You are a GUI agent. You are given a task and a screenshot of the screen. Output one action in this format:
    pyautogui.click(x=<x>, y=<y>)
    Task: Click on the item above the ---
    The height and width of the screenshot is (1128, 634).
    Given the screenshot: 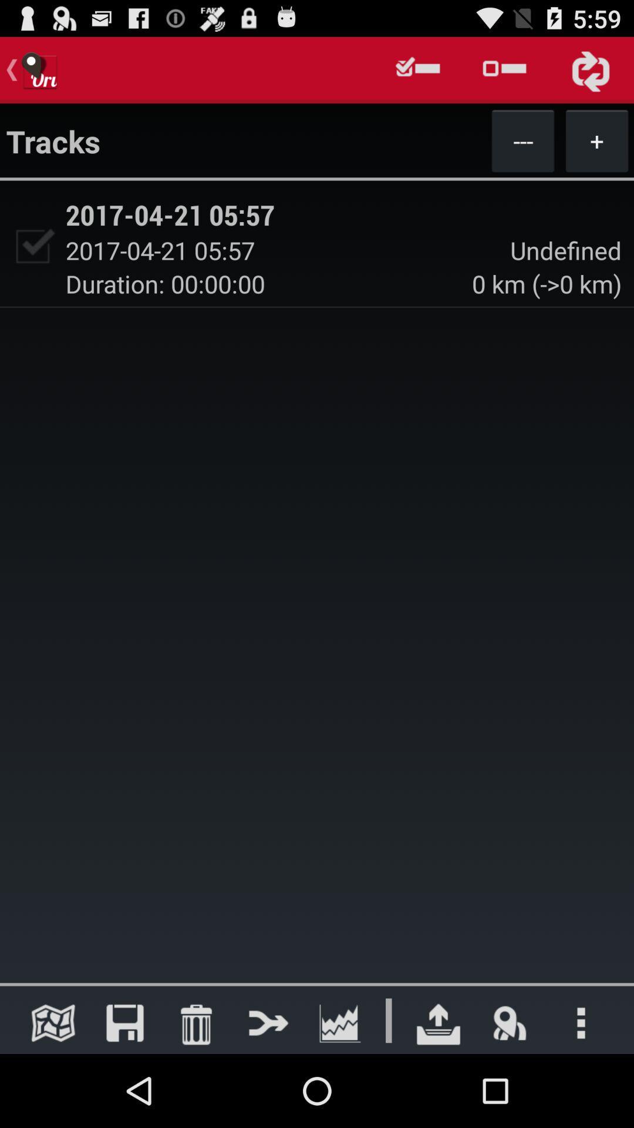 What is the action you would take?
    pyautogui.click(x=504, y=69)
    